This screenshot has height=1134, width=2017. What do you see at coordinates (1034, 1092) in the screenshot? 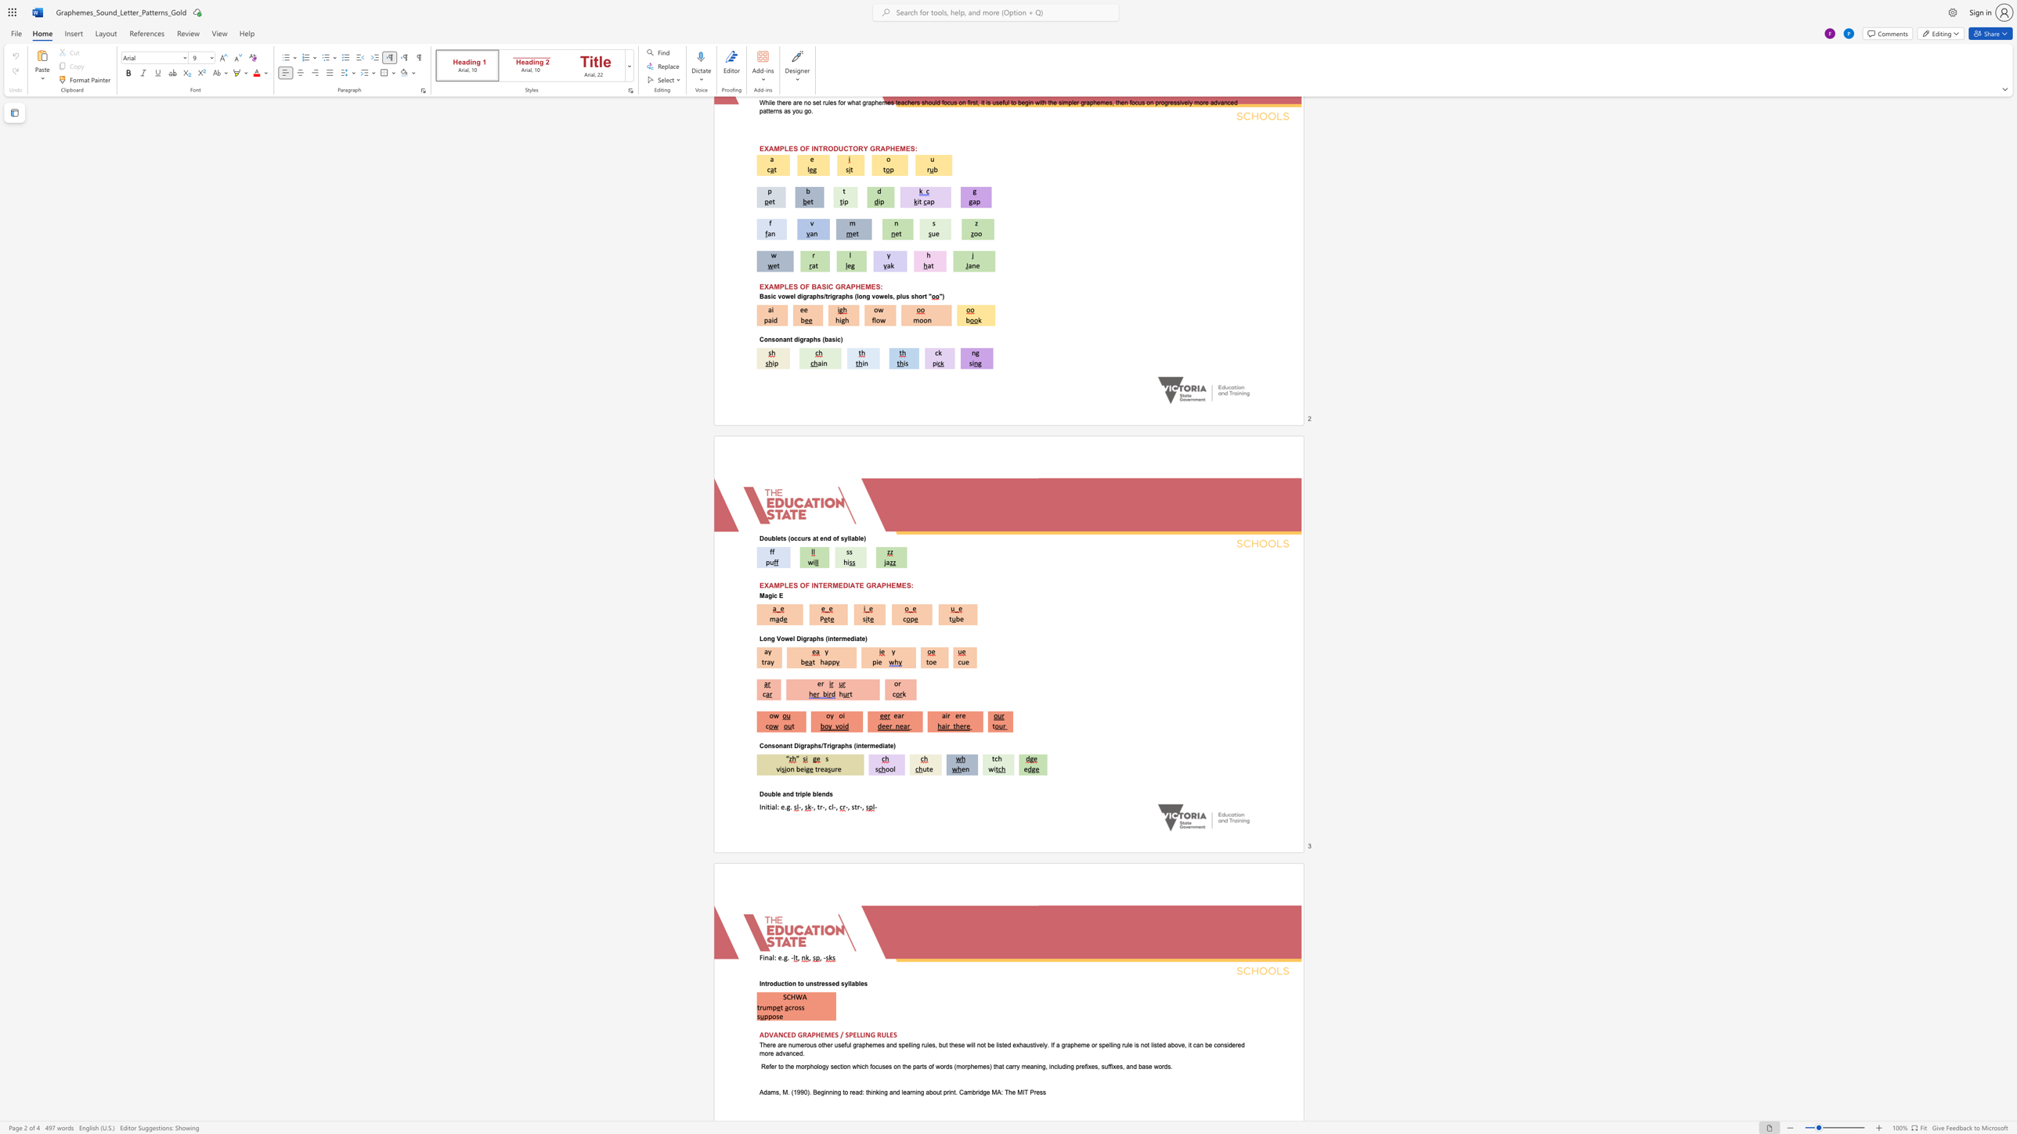
I see `the subset text "re" within the text "Adams, M. (1990). Beginning to read: thinking and learning about print. Cambridge MA: The MIT Press"` at bounding box center [1034, 1092].